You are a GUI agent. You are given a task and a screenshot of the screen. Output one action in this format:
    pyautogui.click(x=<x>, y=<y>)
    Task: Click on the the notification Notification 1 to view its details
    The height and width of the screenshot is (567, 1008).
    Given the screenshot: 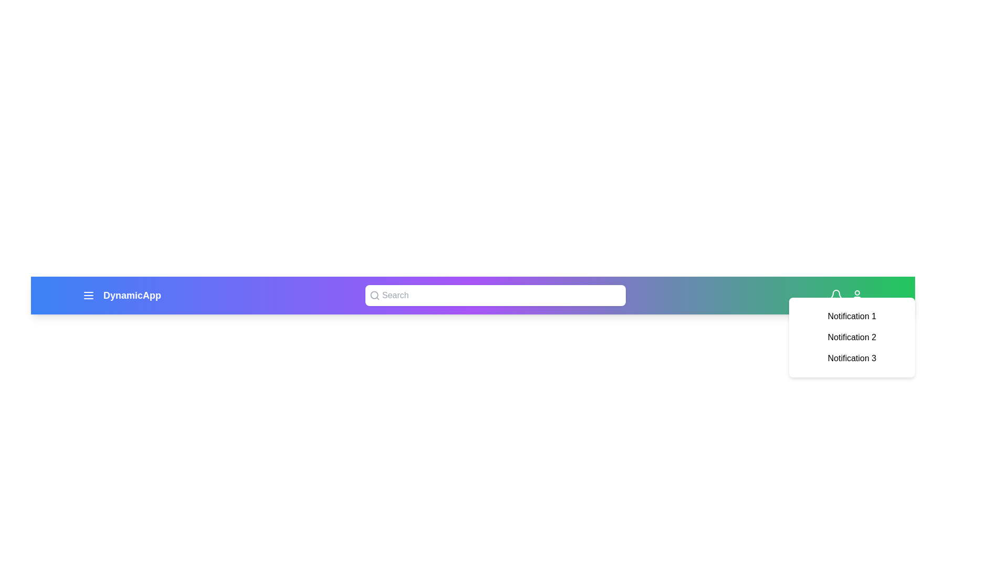 What is the action you would take?
    pyautogui.click(x=852, y=316)
    